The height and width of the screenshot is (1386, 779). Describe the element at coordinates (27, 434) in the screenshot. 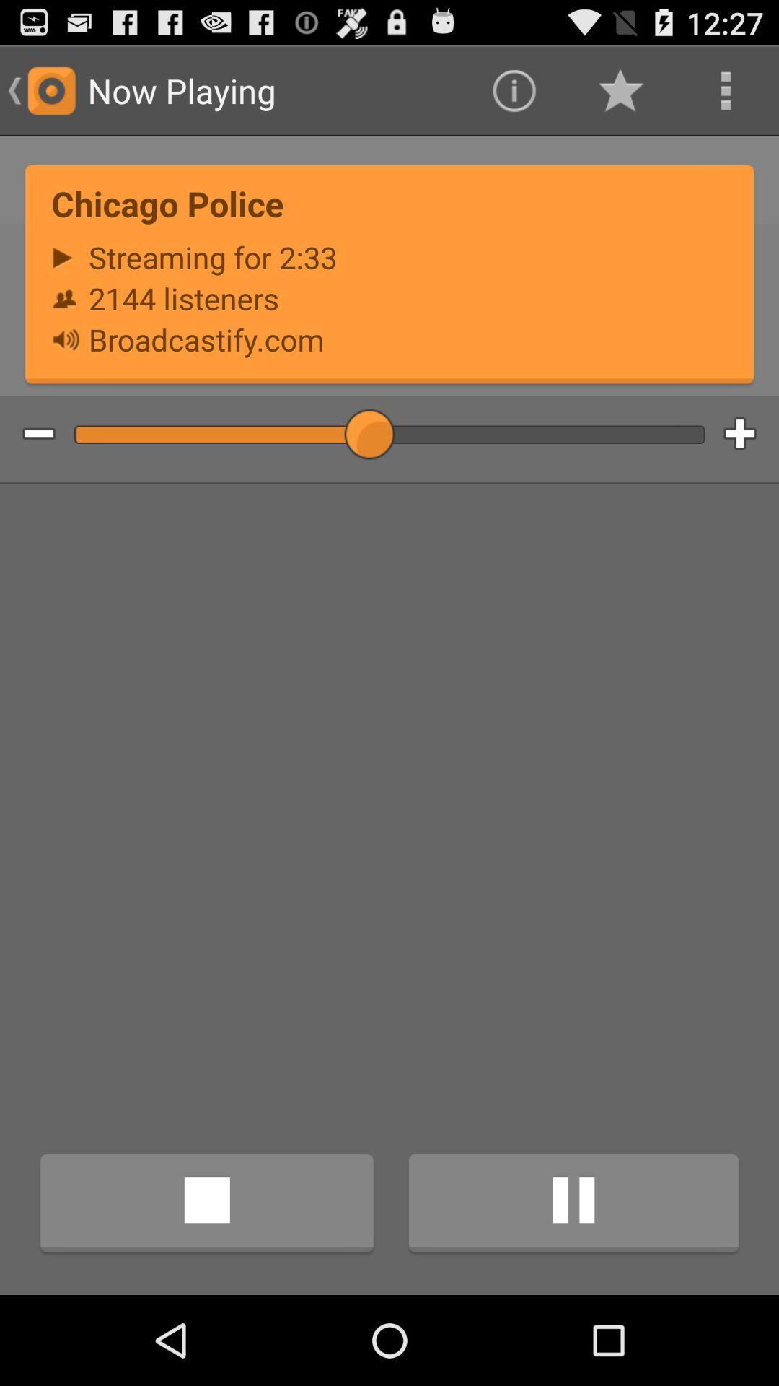

I see `decrease volume` at that location.